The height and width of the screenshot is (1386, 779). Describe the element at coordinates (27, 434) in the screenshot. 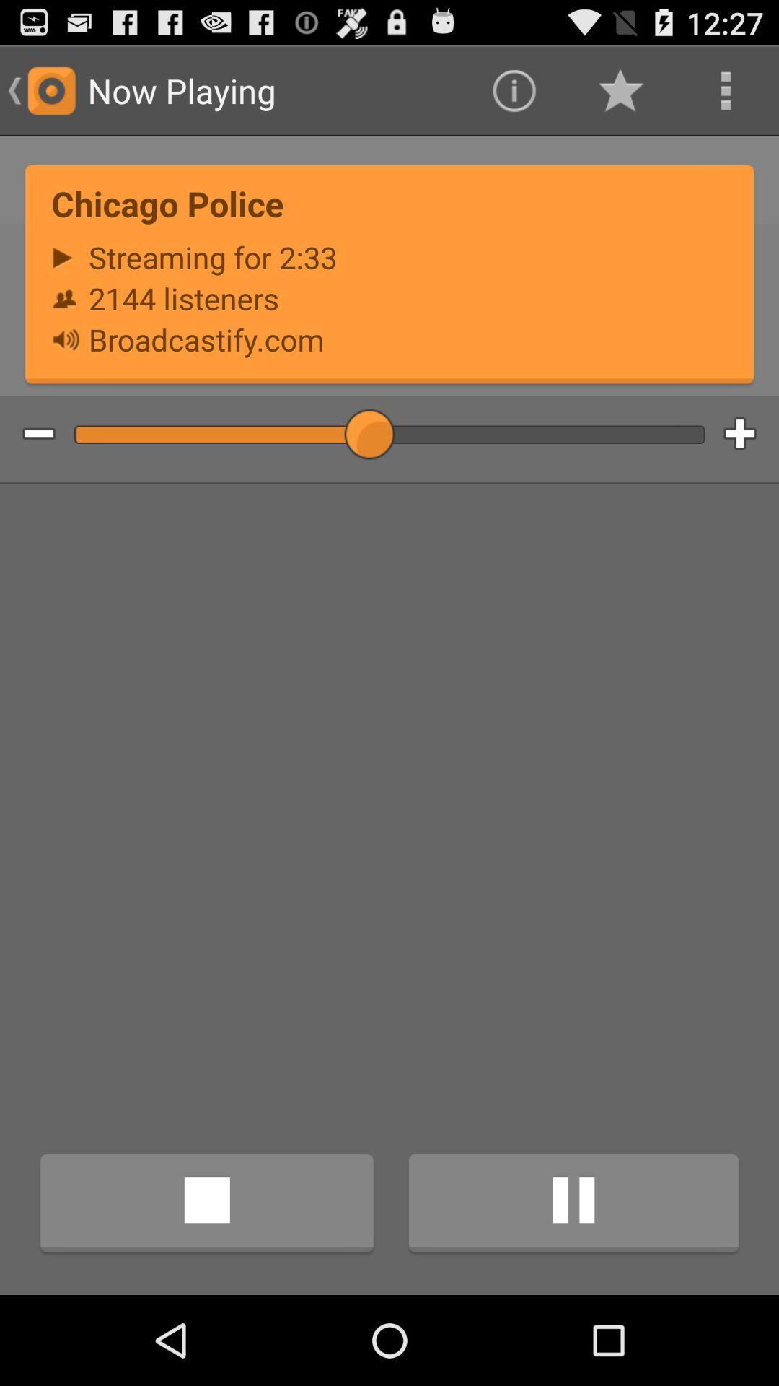

I see `decrease volume` at that location.